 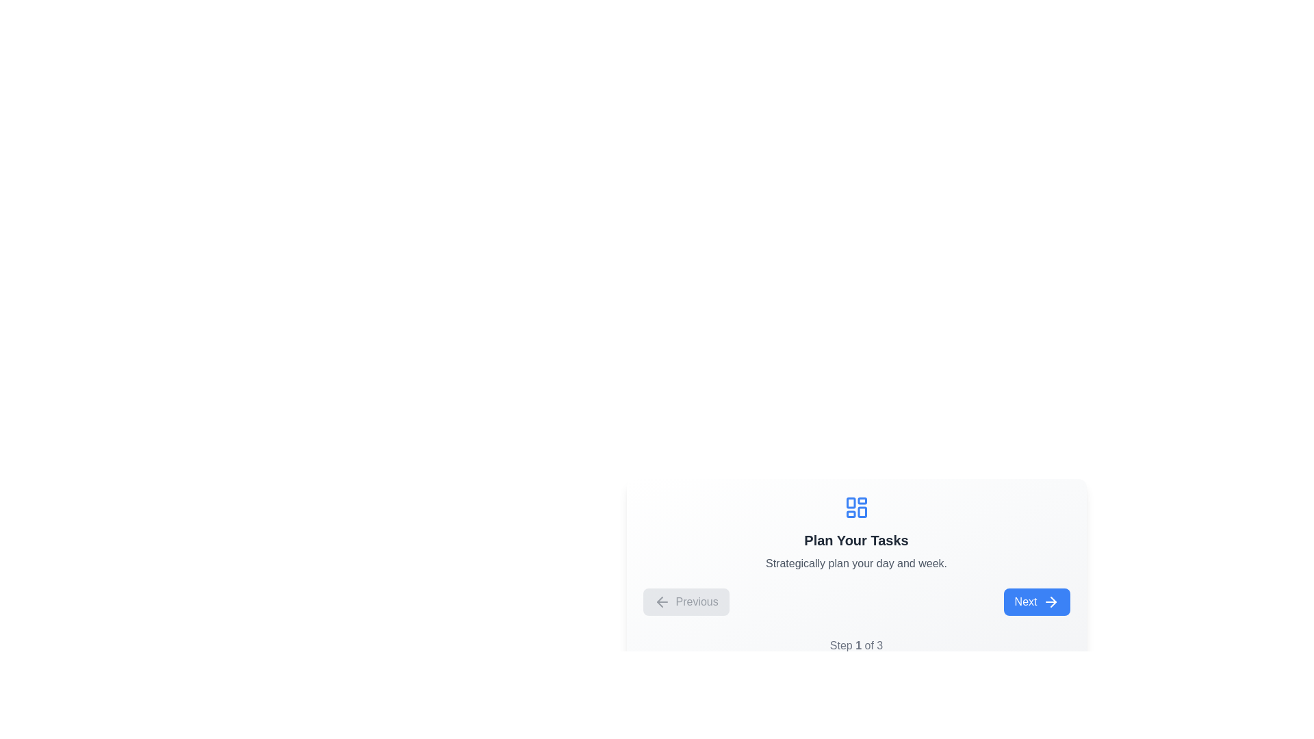 I want to click on the 'Next' button to proceed to the next step, so click(x=1037, y=601).